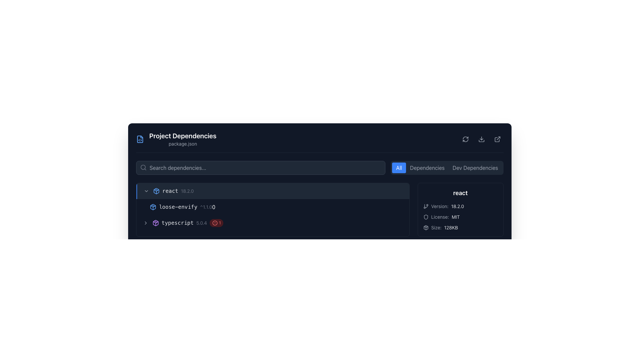  Describe the element at coordinates (273, 198) in the screenshot. I see `the list item displaying 'loose-envify ^1.1.0'` at that location.